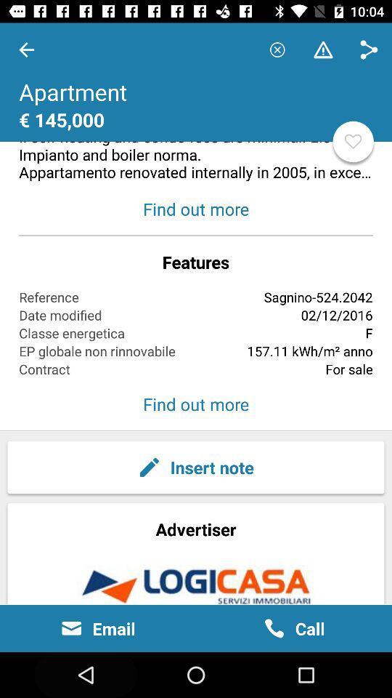 The image size is (392, 698). What do you see at coordinates (26, 49) in the screenshot?
I see `the item at the top left corner` at bounding box center [26, 49].